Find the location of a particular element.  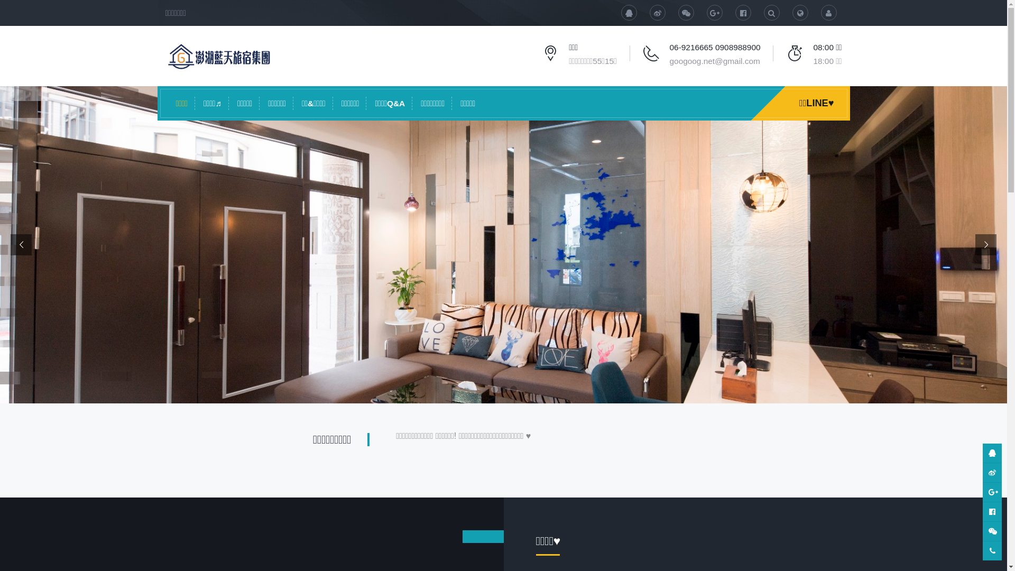

'Toggle Search' is located at coordinates (792, 12).